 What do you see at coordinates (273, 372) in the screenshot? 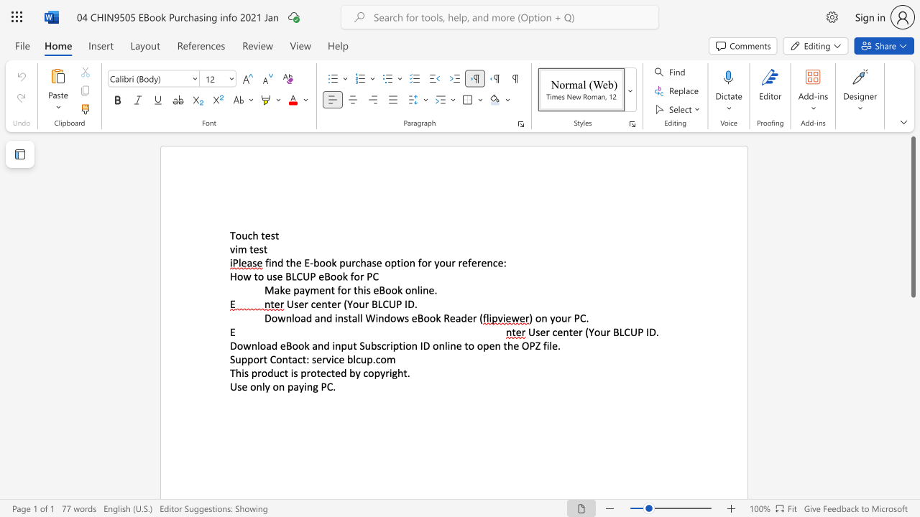
I see `the space between the continuous character "d" and "u" in the text` at bounding box center [273, 372].